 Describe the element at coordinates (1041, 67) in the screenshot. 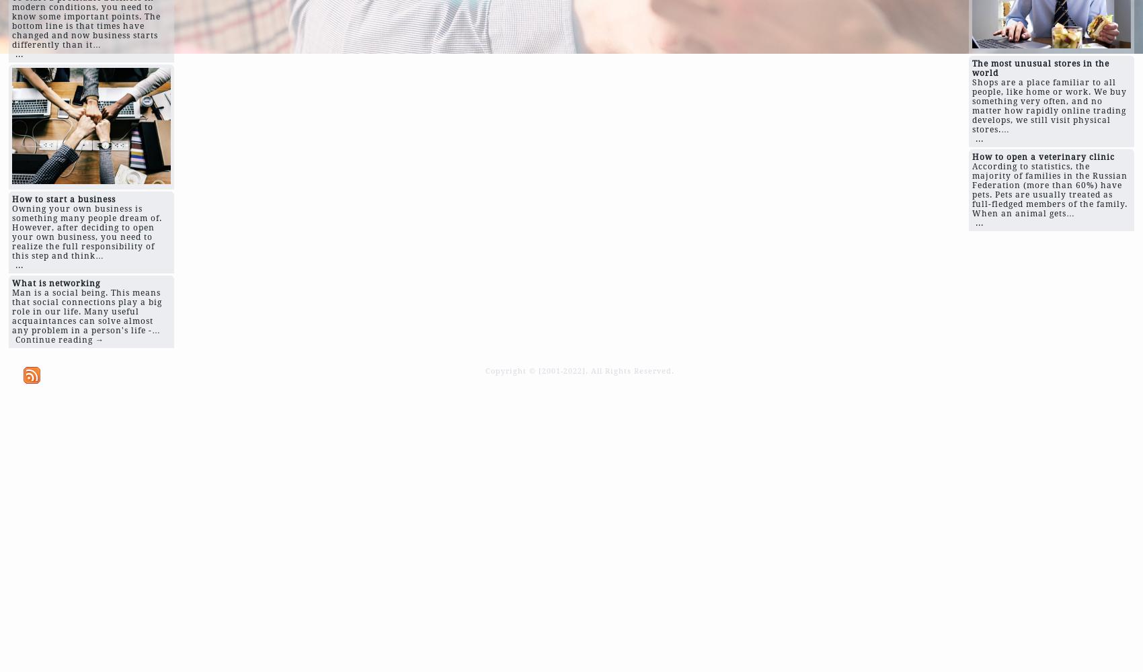

I see `'The most unusual stores in the world'` at that location.